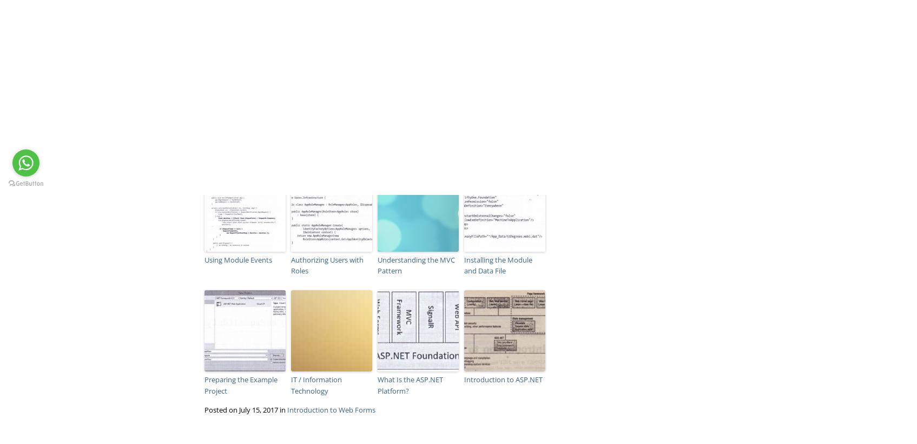 The width and height of the screenshot is (917, 444). Describe the element at coordinates (248, 156) in the screenshot. I see `'Related ASP Assignments'` at that location.